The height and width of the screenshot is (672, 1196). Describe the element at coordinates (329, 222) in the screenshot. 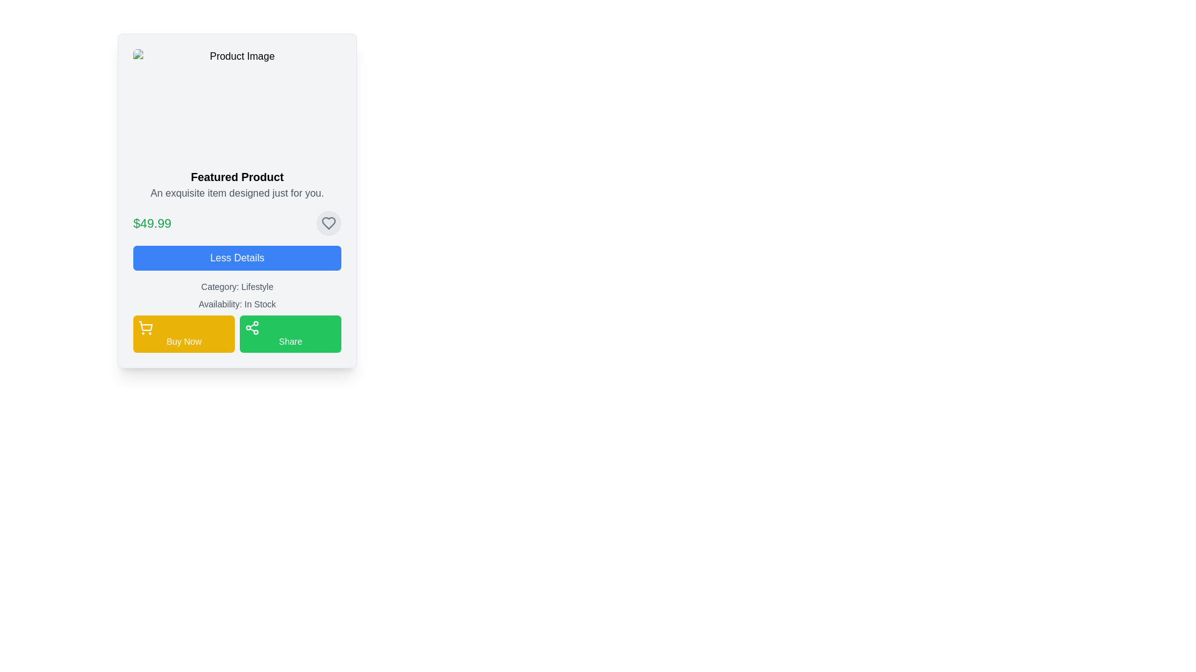

I see `the area around the heart-shaped icon located in the top-right corner of the user interface card` at that location.